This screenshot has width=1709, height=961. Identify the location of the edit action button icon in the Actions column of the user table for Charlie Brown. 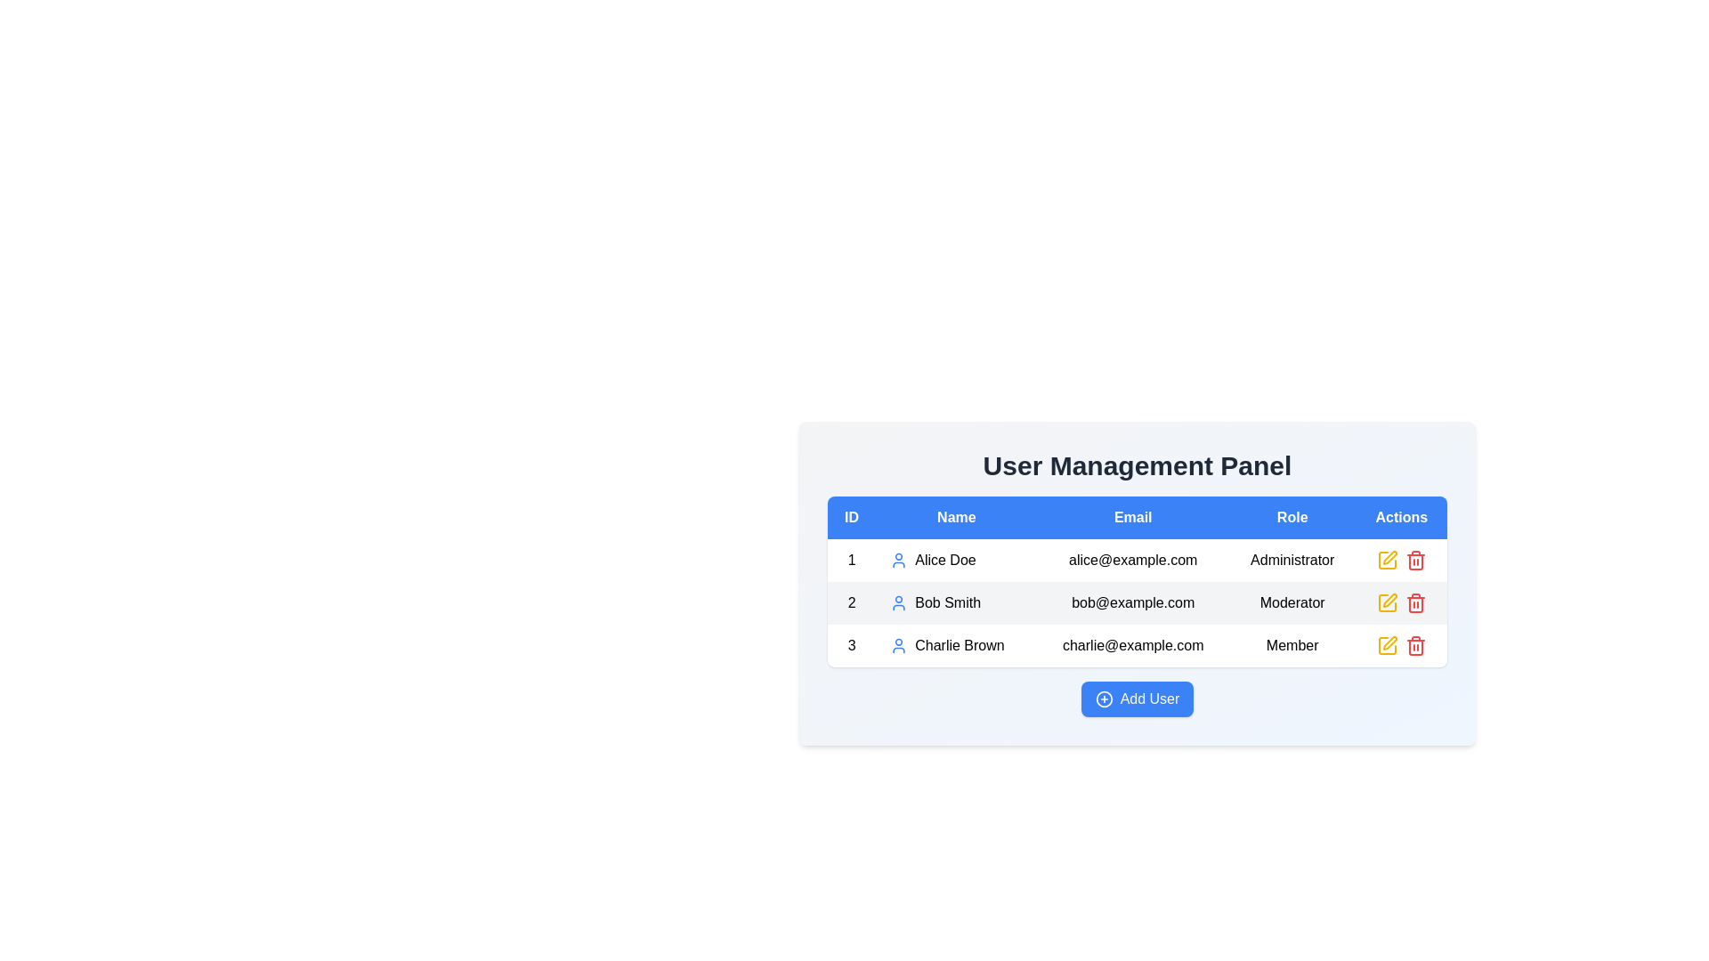
(1386, 645).